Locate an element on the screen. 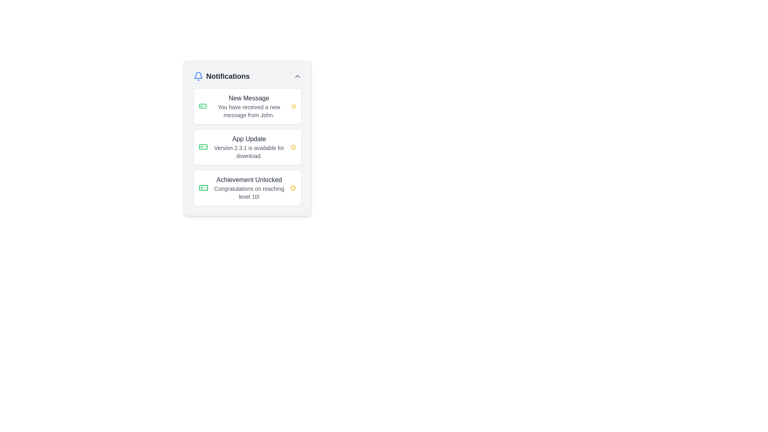  the star-shaped icon with a golden-yellow outline is located at coordinates (293, 147).